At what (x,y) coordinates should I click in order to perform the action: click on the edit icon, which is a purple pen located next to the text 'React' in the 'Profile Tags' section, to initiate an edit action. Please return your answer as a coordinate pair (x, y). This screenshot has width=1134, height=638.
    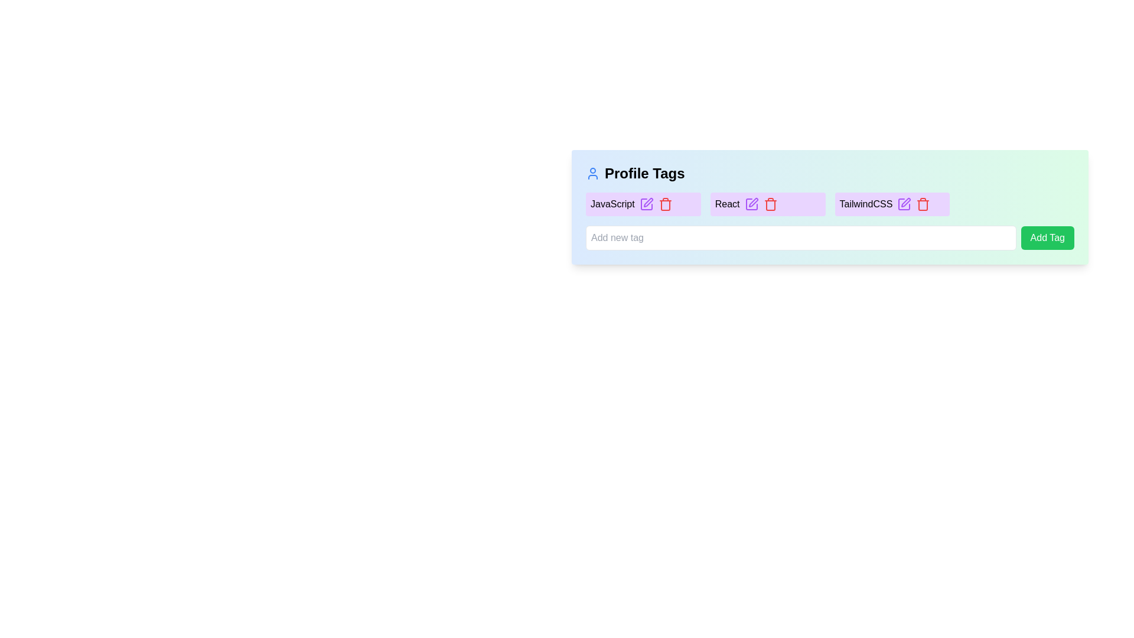
    Looking at the image, I should click on (751, 204).